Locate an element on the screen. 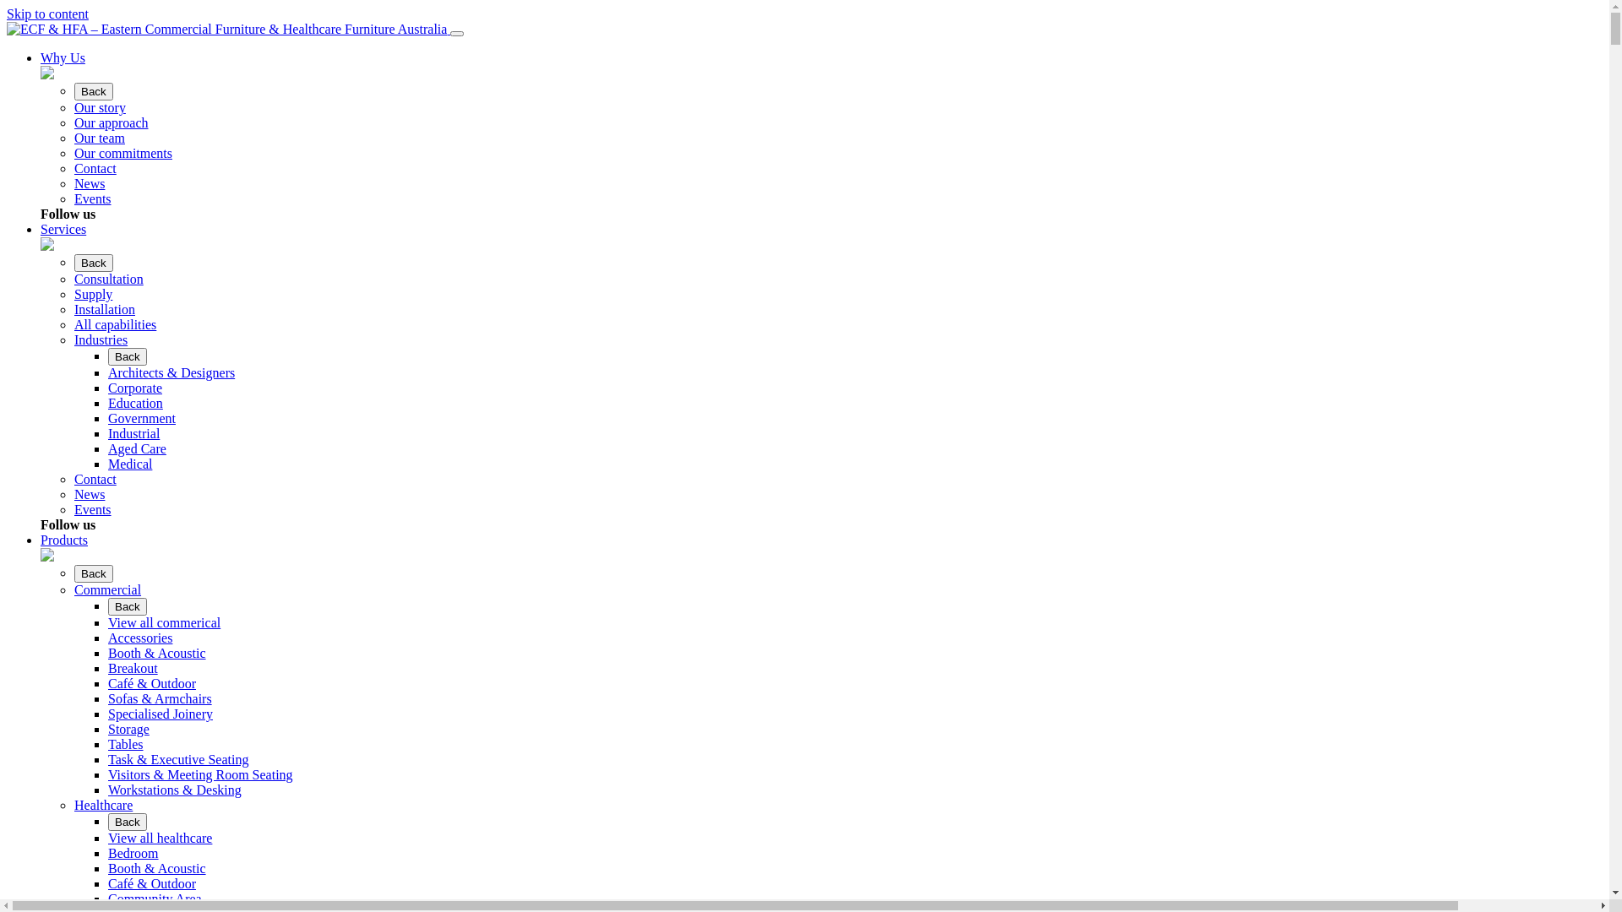 This screenshot has height=912, width=1622. 'Our team' is located at coordinates (99, 137).